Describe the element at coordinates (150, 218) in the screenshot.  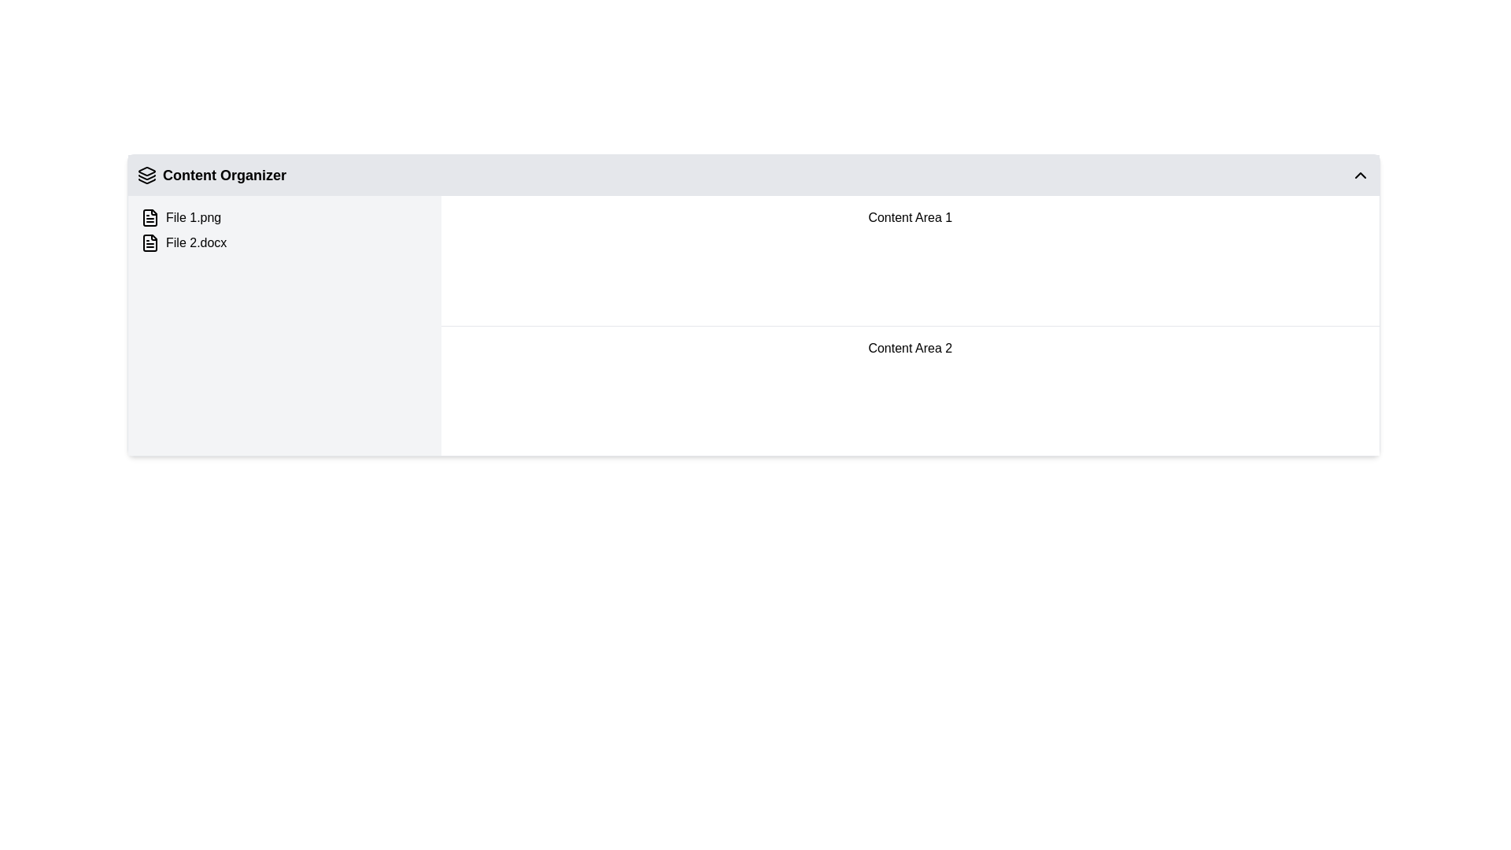
I see `the document icon representing 'File 2.docx', which is a rectangular shape with a folded corner, located in the left section of the file listing` at that location.